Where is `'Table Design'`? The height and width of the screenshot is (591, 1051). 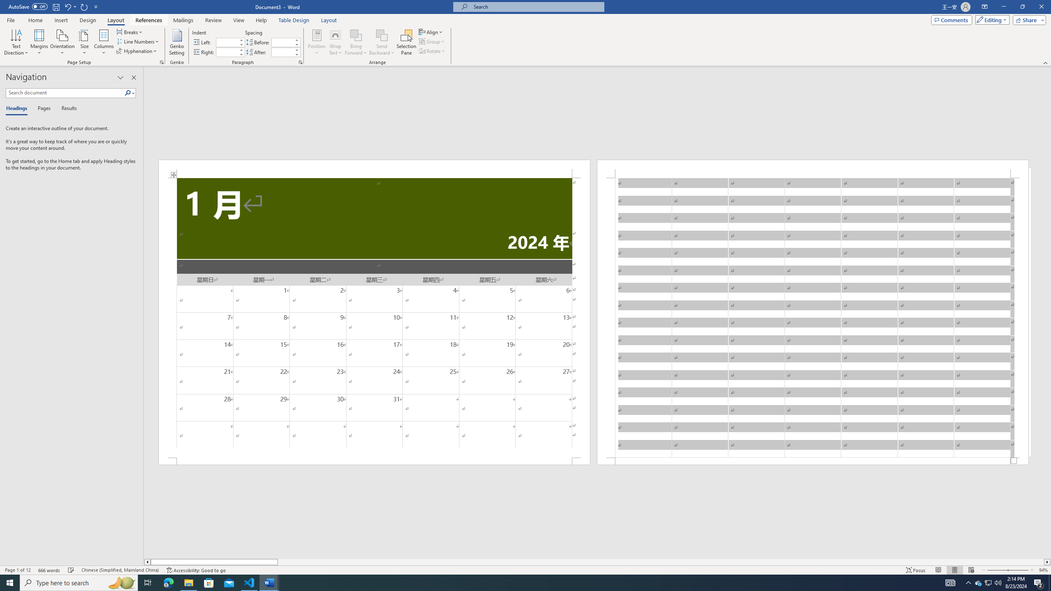
'Table Design' is located at coordinates (294, 20).